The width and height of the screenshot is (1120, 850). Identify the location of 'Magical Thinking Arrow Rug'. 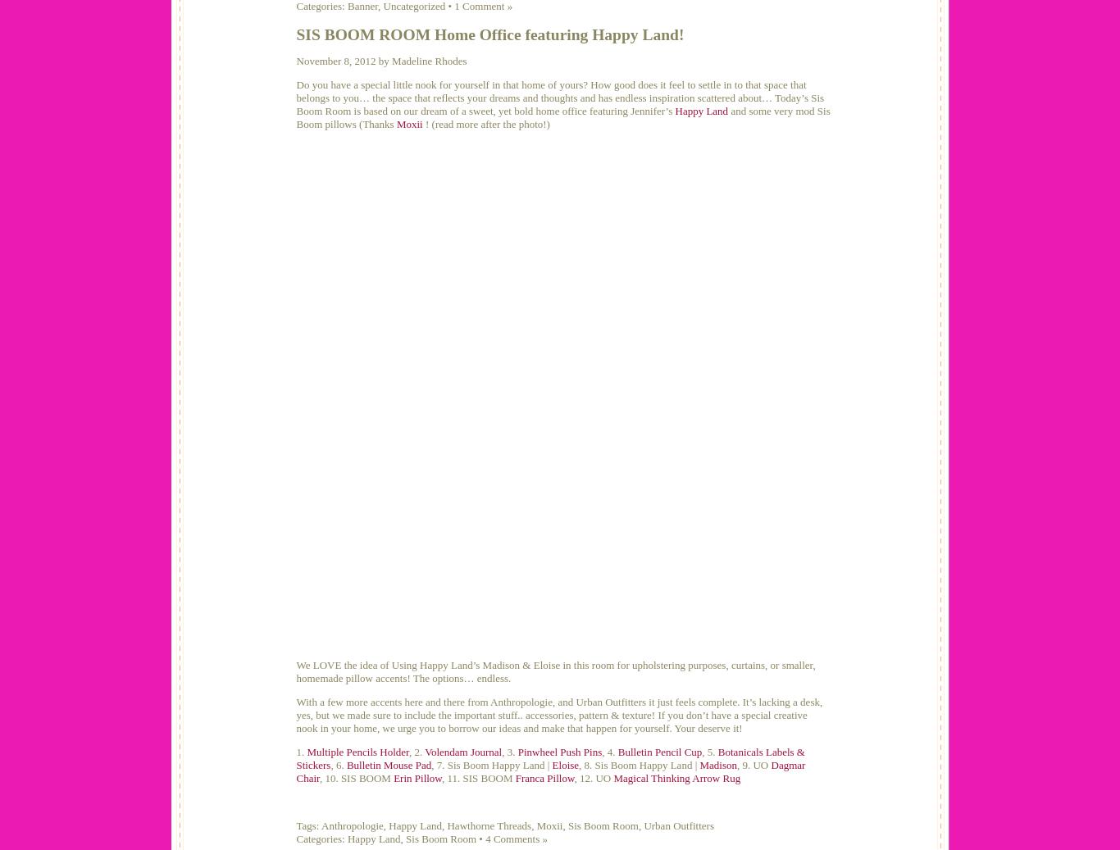
(676, 778).